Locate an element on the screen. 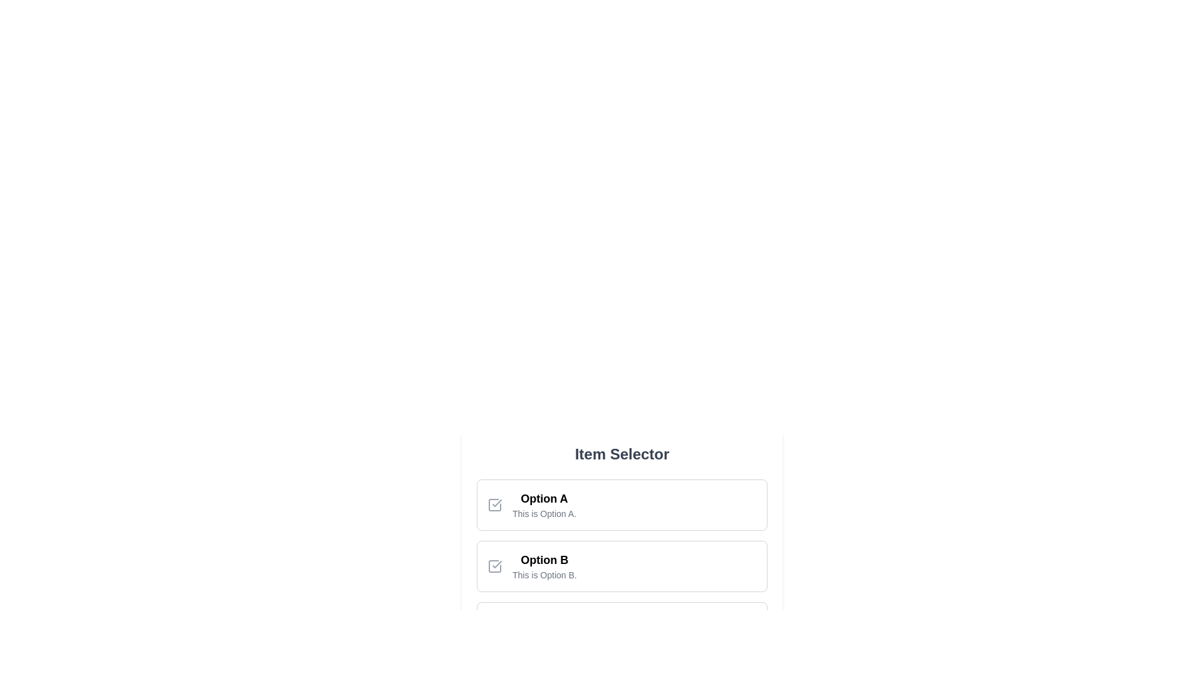 This screenshot has width=1203, height=676. the descriptive subtitle text element that provides details about 'Option B', located directly underneath the heading 'Option B' is located at coordinates (544, 575).